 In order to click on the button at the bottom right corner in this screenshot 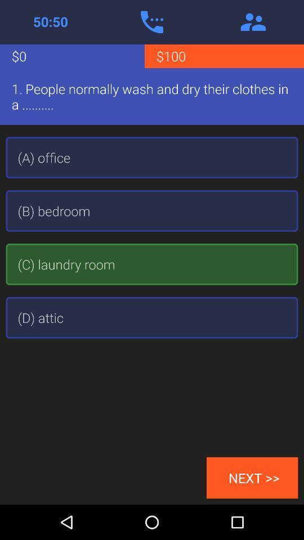, I will do `click(252, 477)`.